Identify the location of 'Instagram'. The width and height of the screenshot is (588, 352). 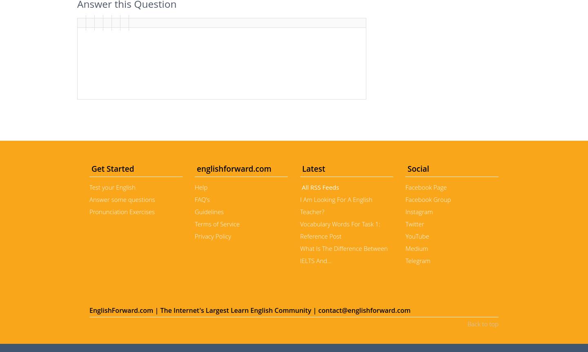
(405, 212).